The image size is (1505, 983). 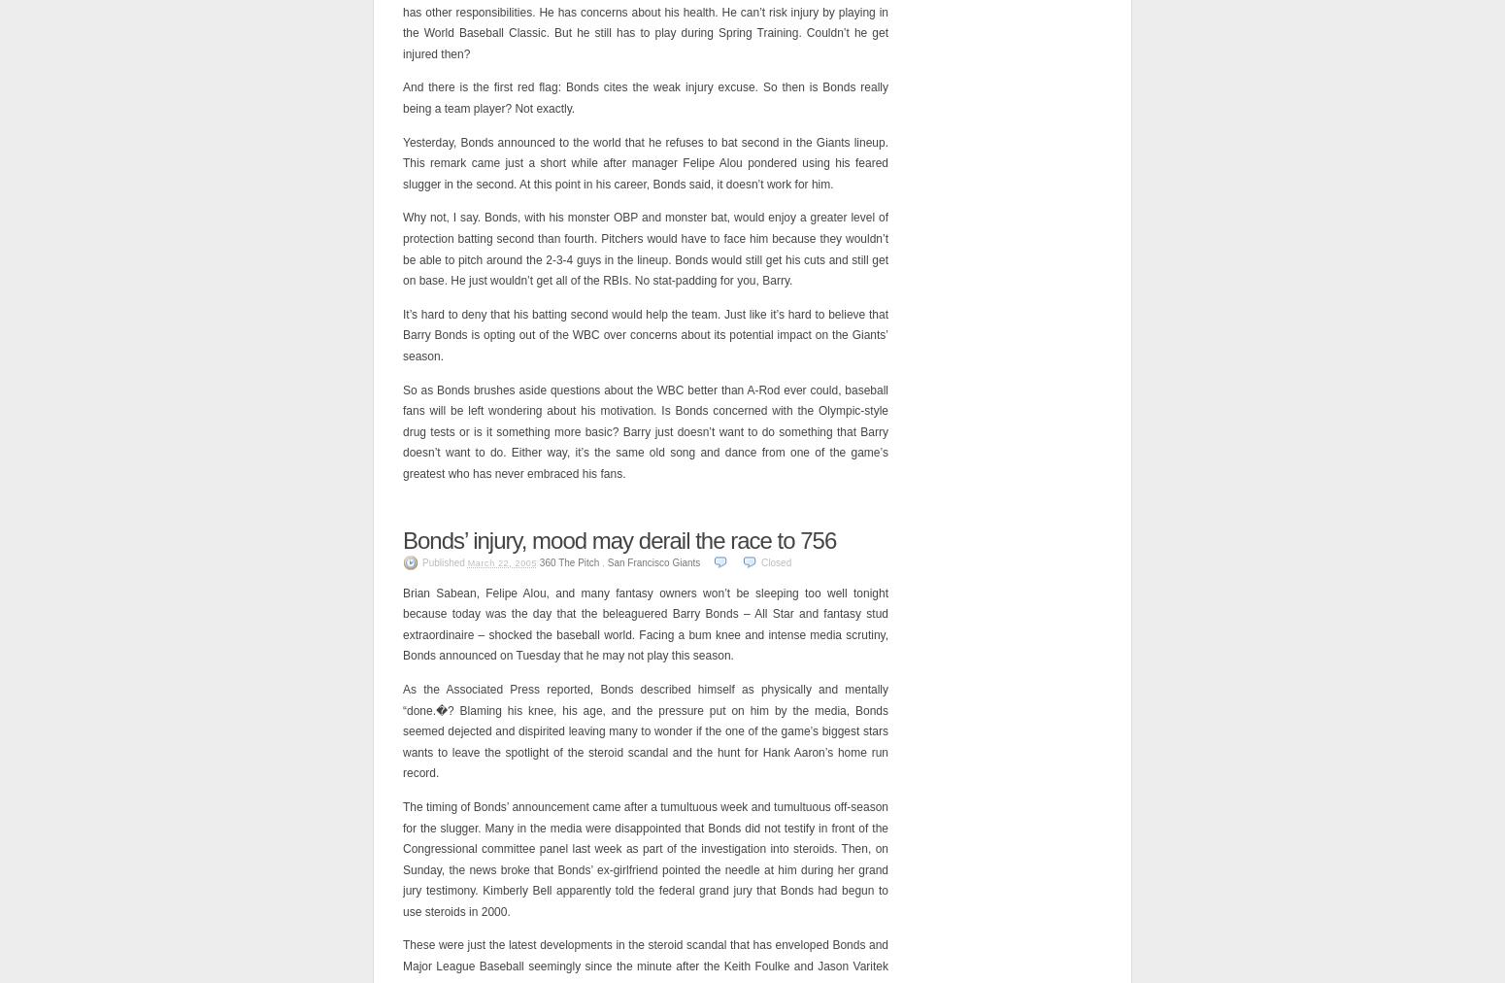 What do you see at coordinates (644, 730) in the screenshot?
I see `'As the Associated Press reported, Bonds described himself as physically and mentally “done.�? Blaming his knee, his age, and the pressure put on him by the media, Bonds seemed dejected and dispirited leaving many to wonder if the one of the game’s biggest stars wants to leave the spotlight of the steroid scandal and the hunt for Hank Aaron’s home run record.'` at bounding box center [644, 730].